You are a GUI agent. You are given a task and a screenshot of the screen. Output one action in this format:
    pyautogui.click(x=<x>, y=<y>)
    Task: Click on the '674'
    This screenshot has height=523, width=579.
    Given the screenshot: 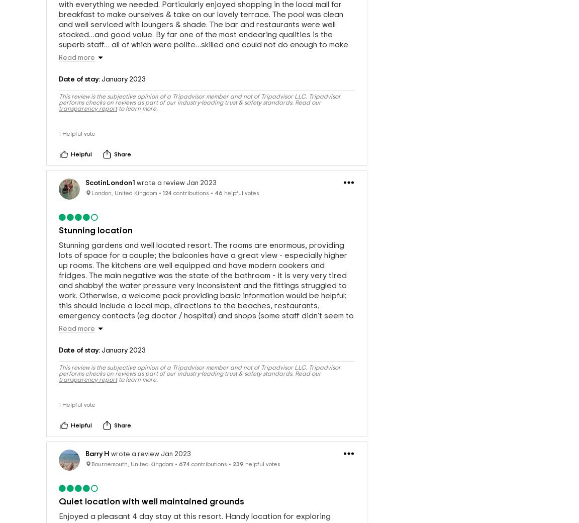 What is the action you would take?
    pyautogui.click(x=184, y=466)
    